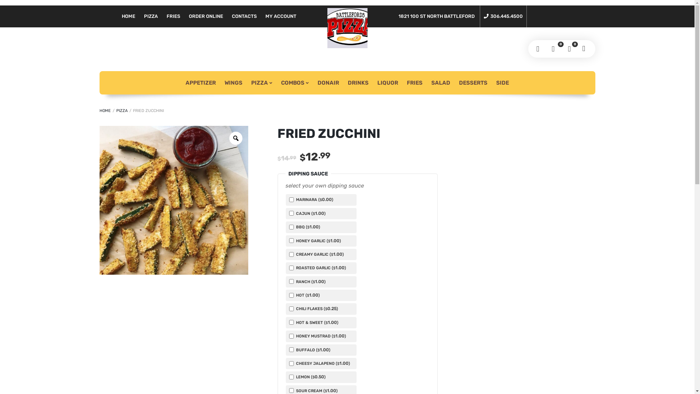 This screenshot has height=394, width=700. Describe the element at coordinates (227, 16) in the screenshot. I see `'CONTACTS'` at that location.